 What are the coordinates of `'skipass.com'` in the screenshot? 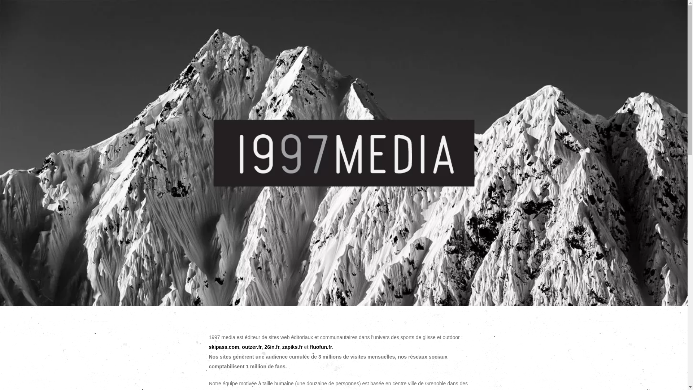 It's located at (223, 346).